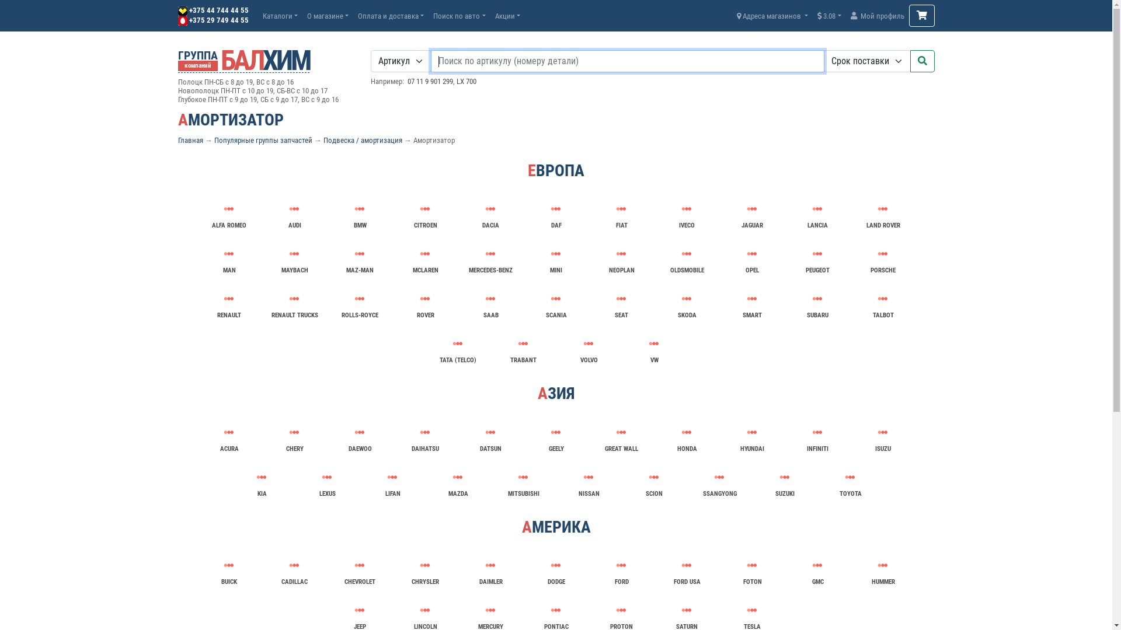 The image size is (1121, 630). I want to click on '3.08', so click(812, 16).